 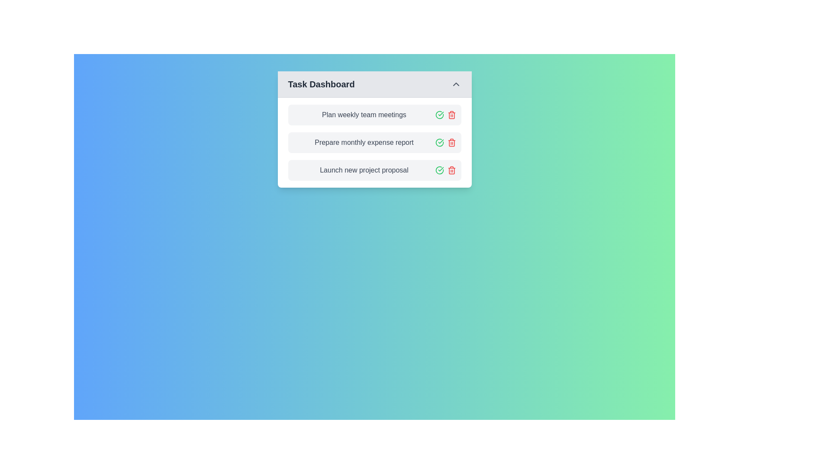 I want to click on the delete icon for the task 'Prepare monthly expense report', so click(x=451, y=142).